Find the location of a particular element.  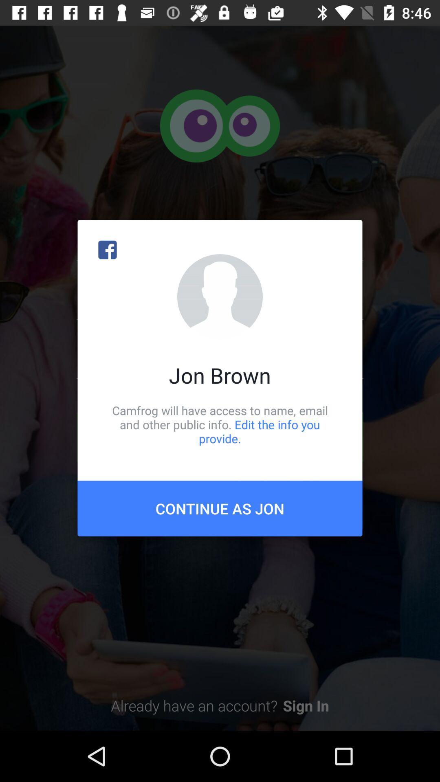

the icon above the continue as jon is located at coordinates (220, 424).